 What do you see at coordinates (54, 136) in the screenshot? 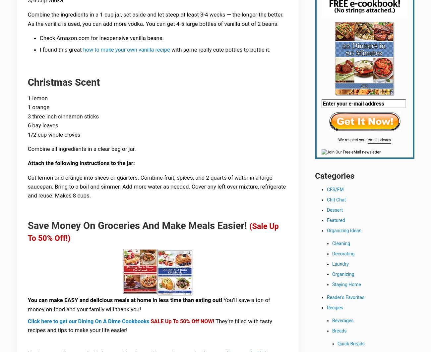
I see `'1/2 cup whole cloves'` at bounding box center [54, 136].